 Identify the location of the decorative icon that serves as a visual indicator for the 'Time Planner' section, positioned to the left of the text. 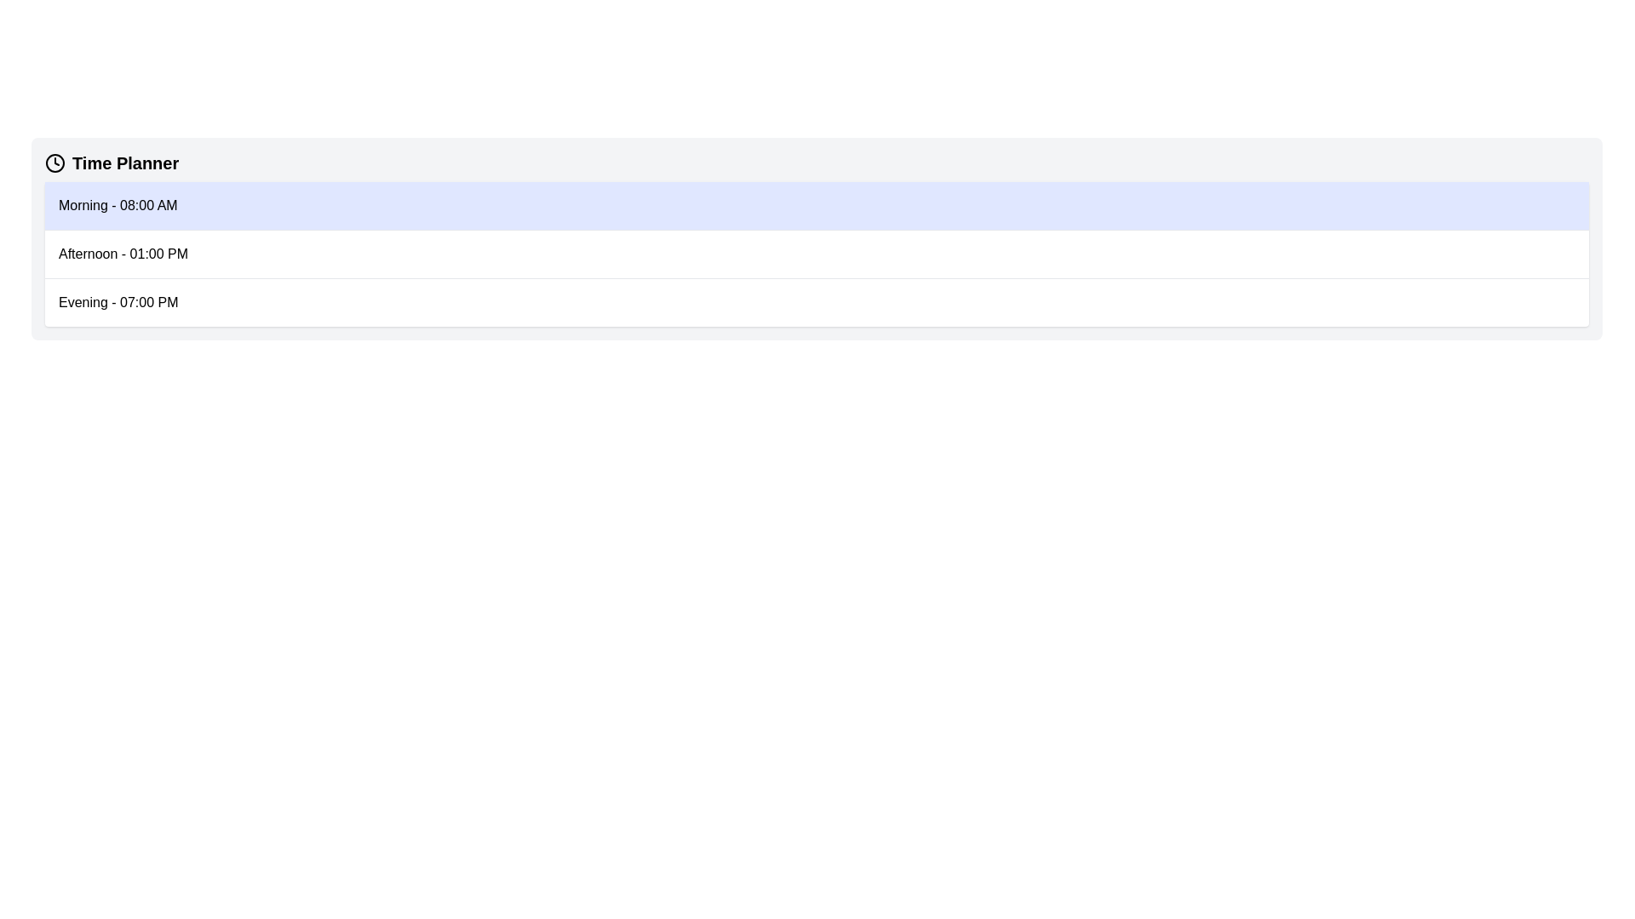
(55, 163).